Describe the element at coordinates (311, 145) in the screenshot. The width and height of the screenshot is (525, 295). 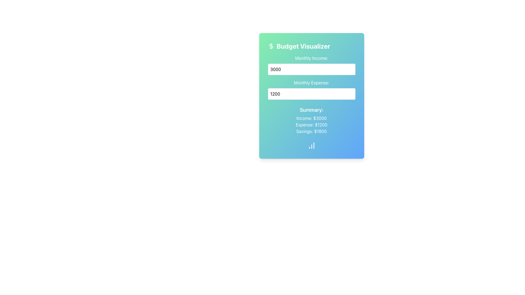
I see `the vertical bar chart icon located at the center bottom of the 'Budget Visualizer' card, which features three bars of varying heights against a gradient blue background` at that location.